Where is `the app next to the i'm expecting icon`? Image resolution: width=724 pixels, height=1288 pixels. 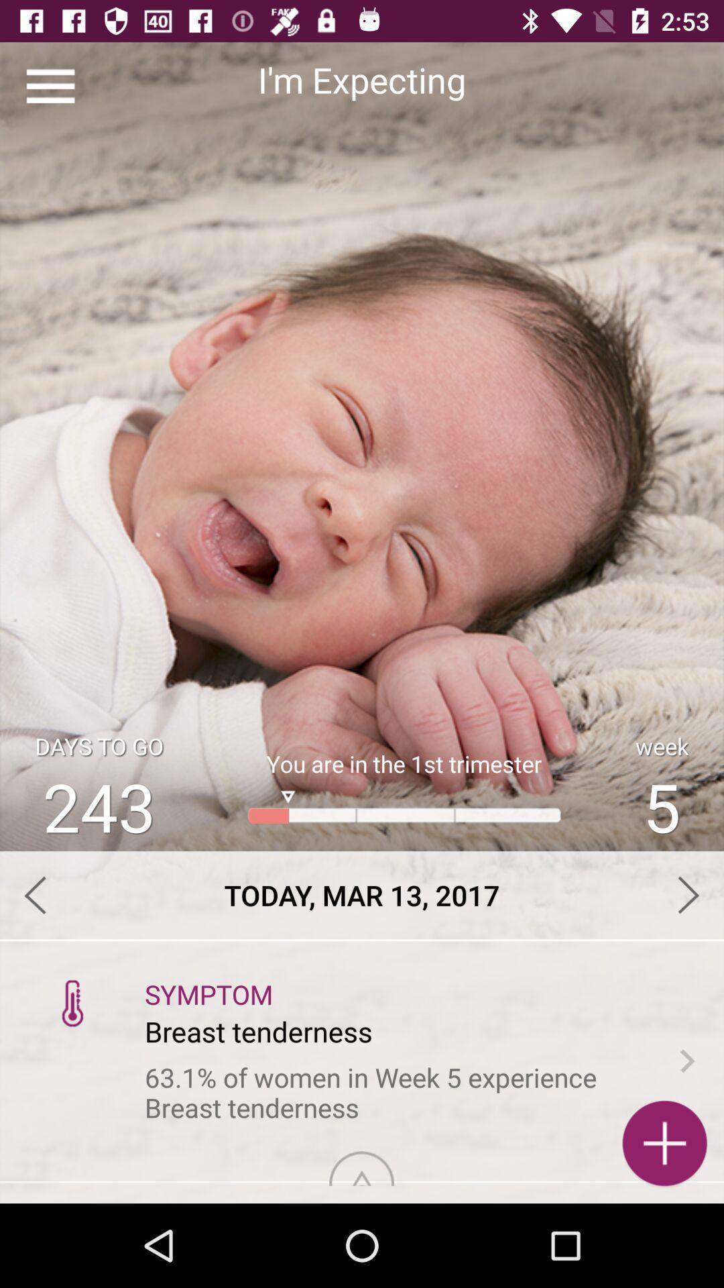
the app next to the i'm expecting icon is located at coordinates (50, 85).